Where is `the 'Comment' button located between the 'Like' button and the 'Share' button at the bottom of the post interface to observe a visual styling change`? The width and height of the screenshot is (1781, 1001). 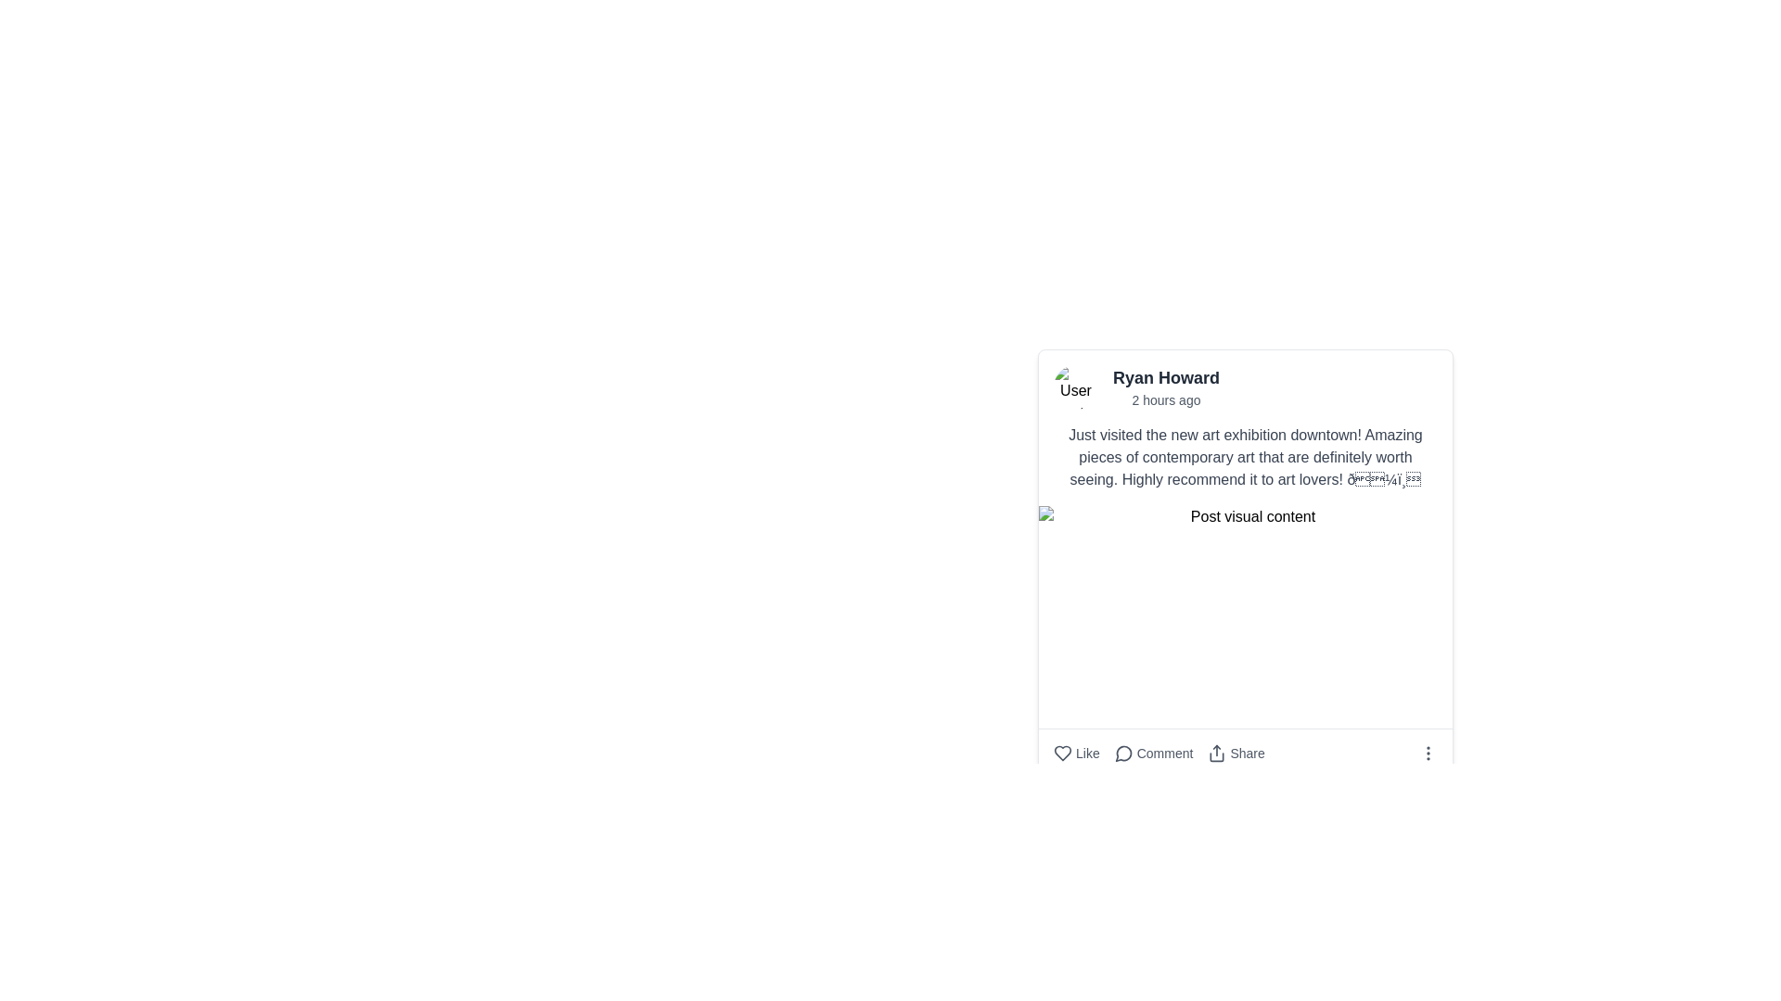 the 'Comment' button located between the 'Like' button and the 'Share' button at the bottom of the post interface to observe a visual styling change is located at coordinates (1158, 754).